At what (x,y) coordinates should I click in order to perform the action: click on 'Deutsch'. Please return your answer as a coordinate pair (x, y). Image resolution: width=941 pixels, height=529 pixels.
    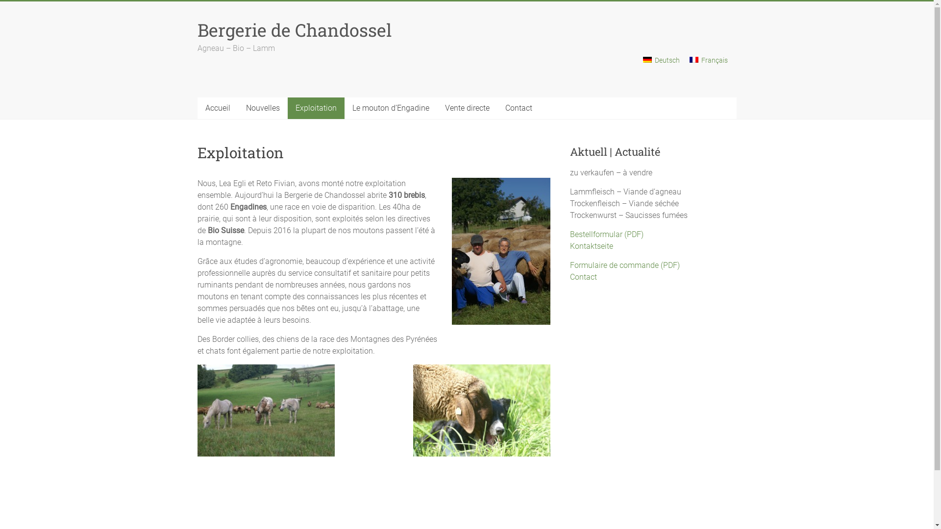
    Looking at the image, I should click on (647, 60).